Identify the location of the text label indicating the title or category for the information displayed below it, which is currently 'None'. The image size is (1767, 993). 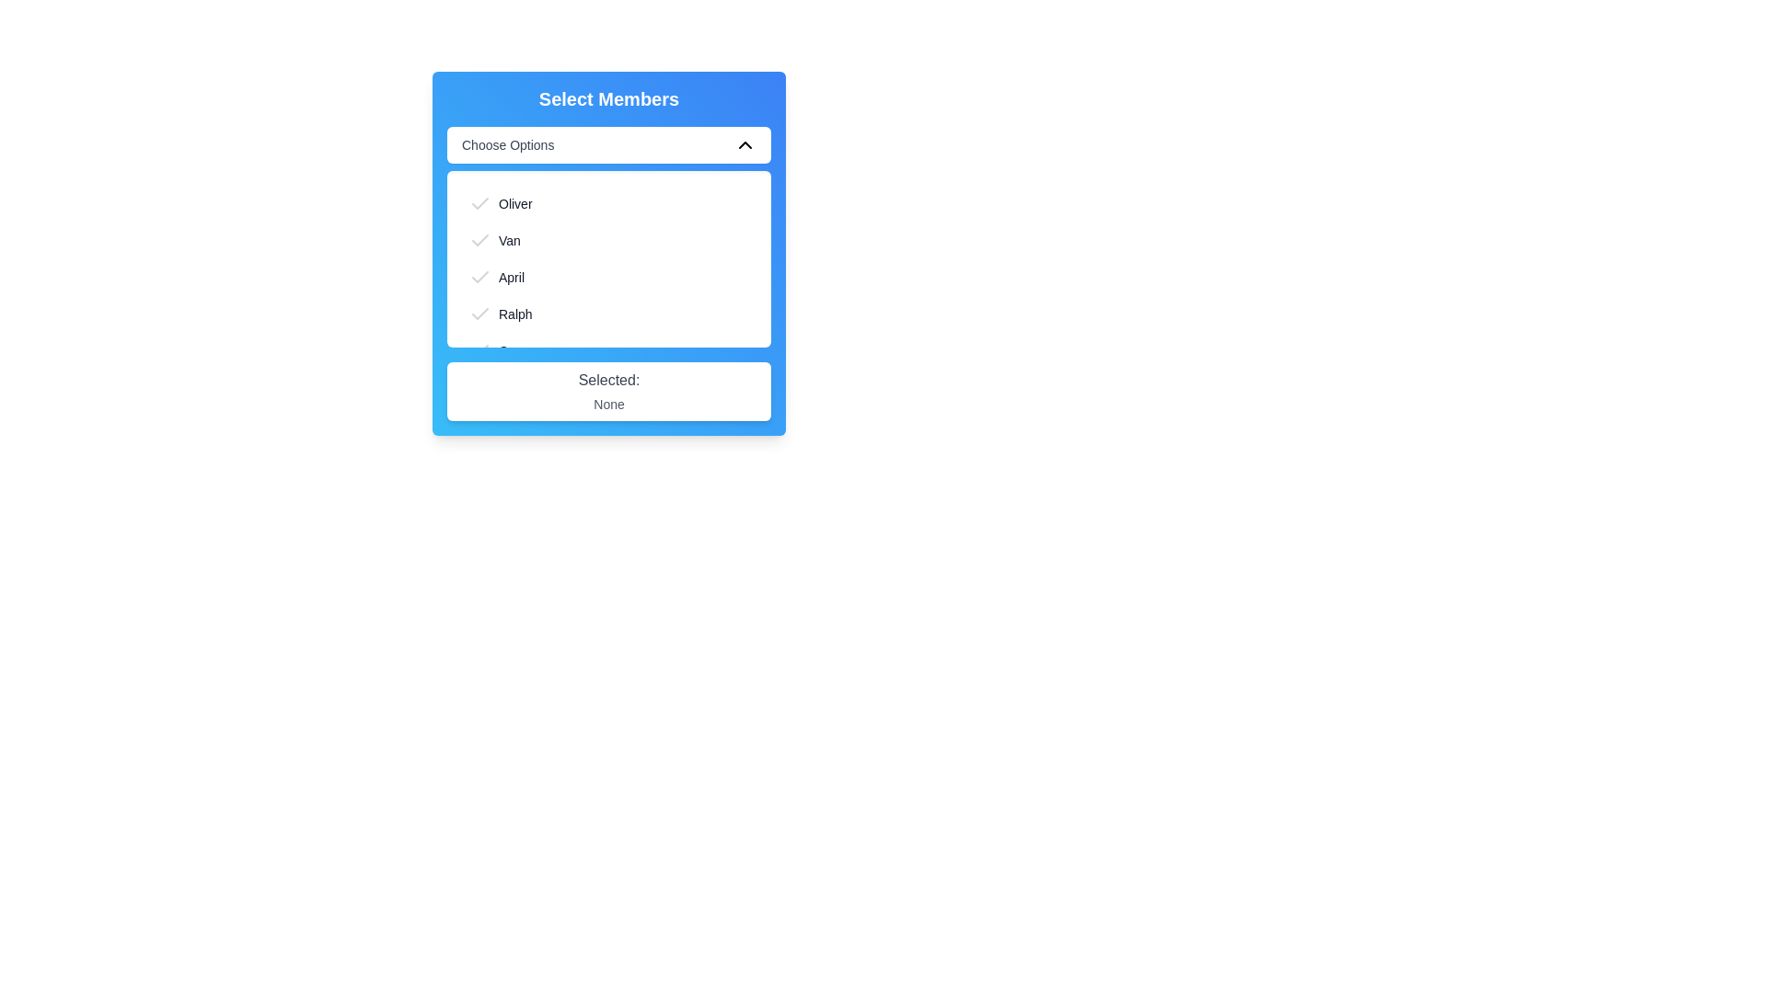
(609, 378).